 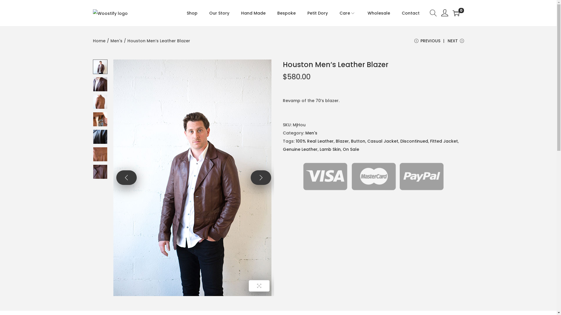 I want to click on 'Home', so click(x=99, y=40).